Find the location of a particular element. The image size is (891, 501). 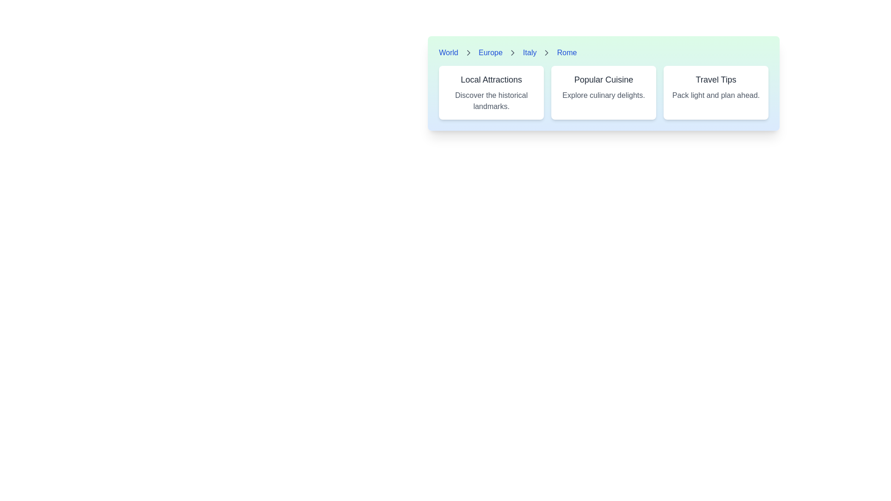

the chevron icon located in the breadcrumb navigation bar to the right of 'Italy' and before 'Rome' is located at coordinates (512, 53).